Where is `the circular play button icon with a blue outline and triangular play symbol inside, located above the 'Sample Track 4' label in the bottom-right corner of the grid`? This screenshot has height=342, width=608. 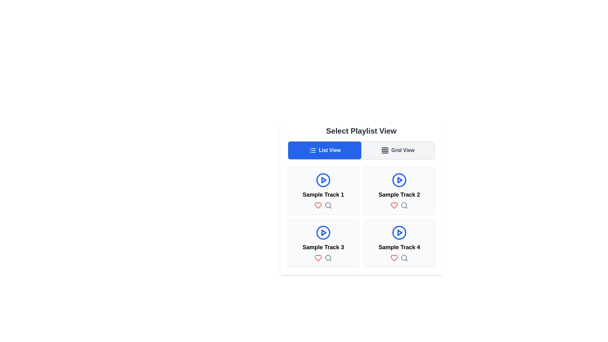 the circular play button icon with a blue outline and triangular play symbol inside, located above the 'Sample Track 4' label in the bottom-right corner of the grid is located at coordinates (399, 233).